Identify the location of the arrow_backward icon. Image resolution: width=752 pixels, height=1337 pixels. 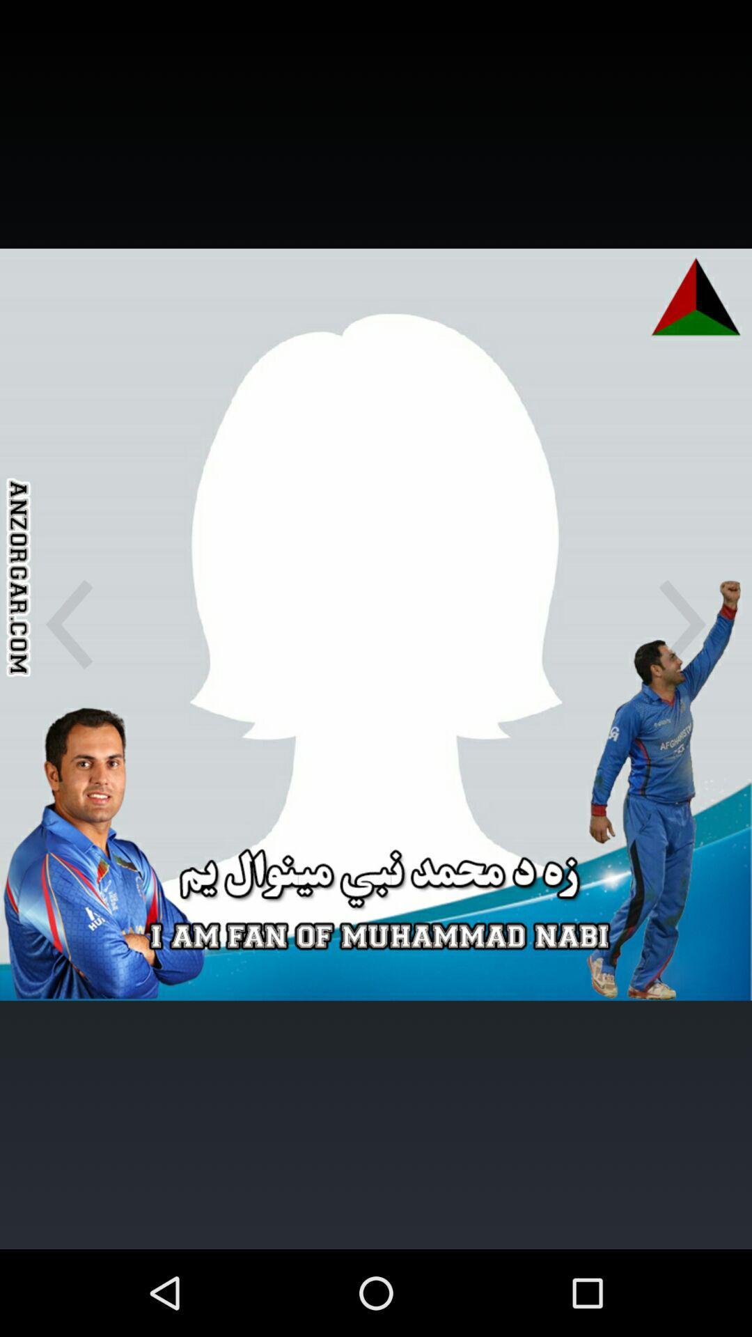
(69, 668).